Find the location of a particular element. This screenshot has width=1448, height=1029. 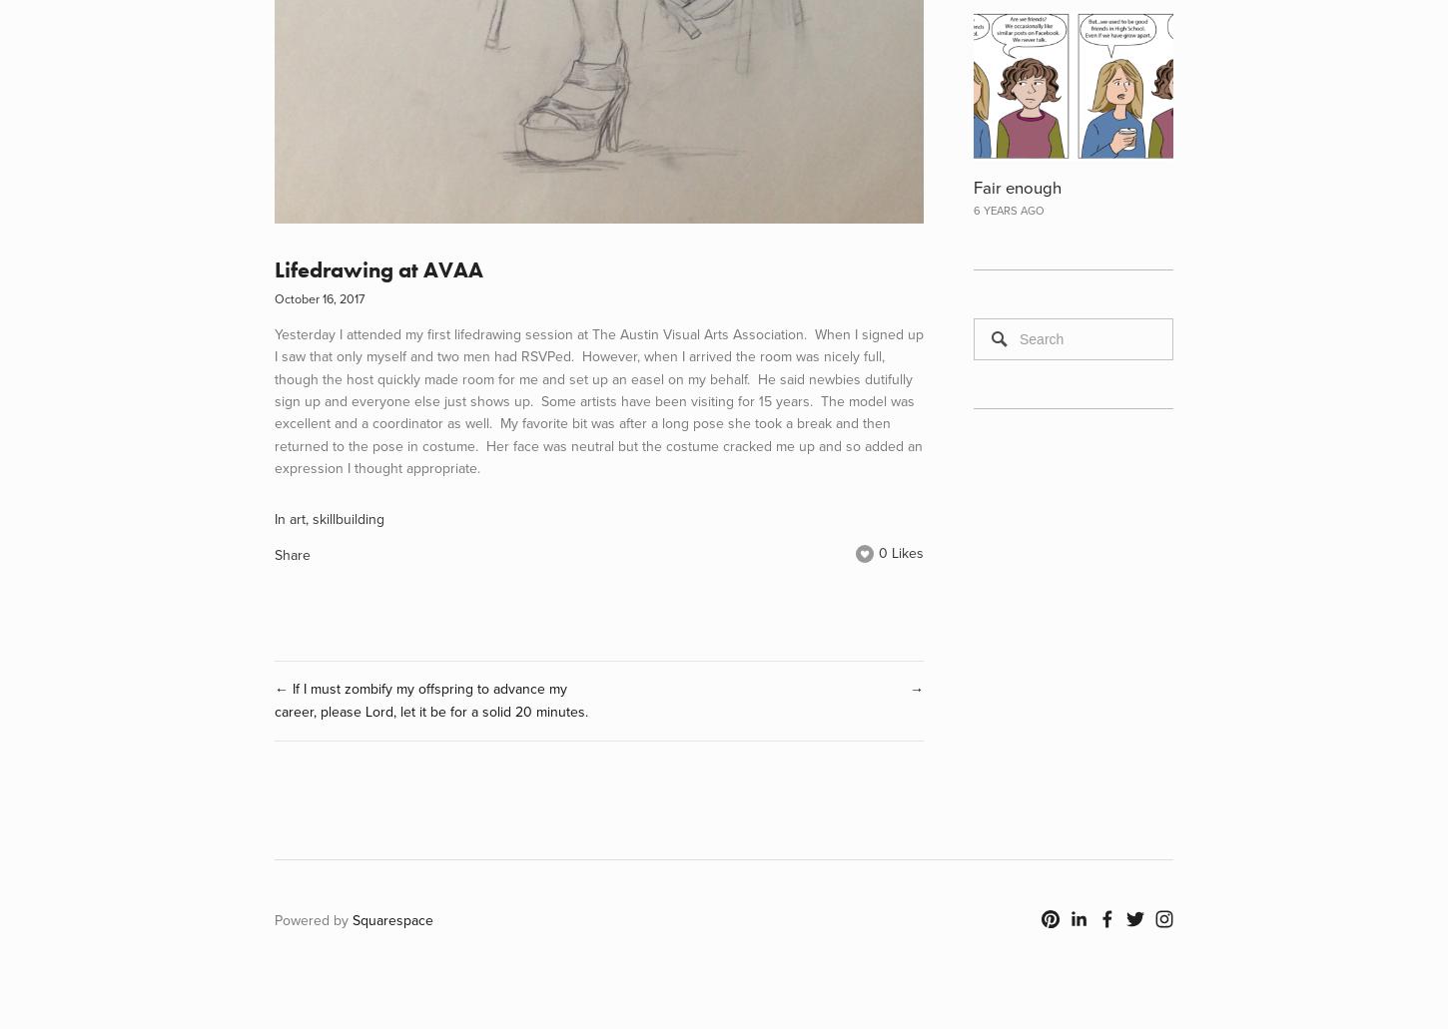

'6 years ago' is located at coordinates (1009, 210).